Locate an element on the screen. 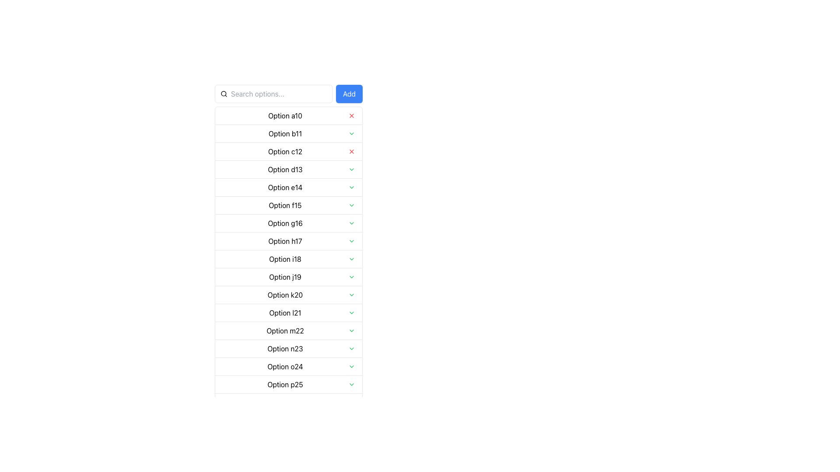 This screenshot has height=472, width=840. the text label for 'Option o24' is located at coordinates (285, 367).